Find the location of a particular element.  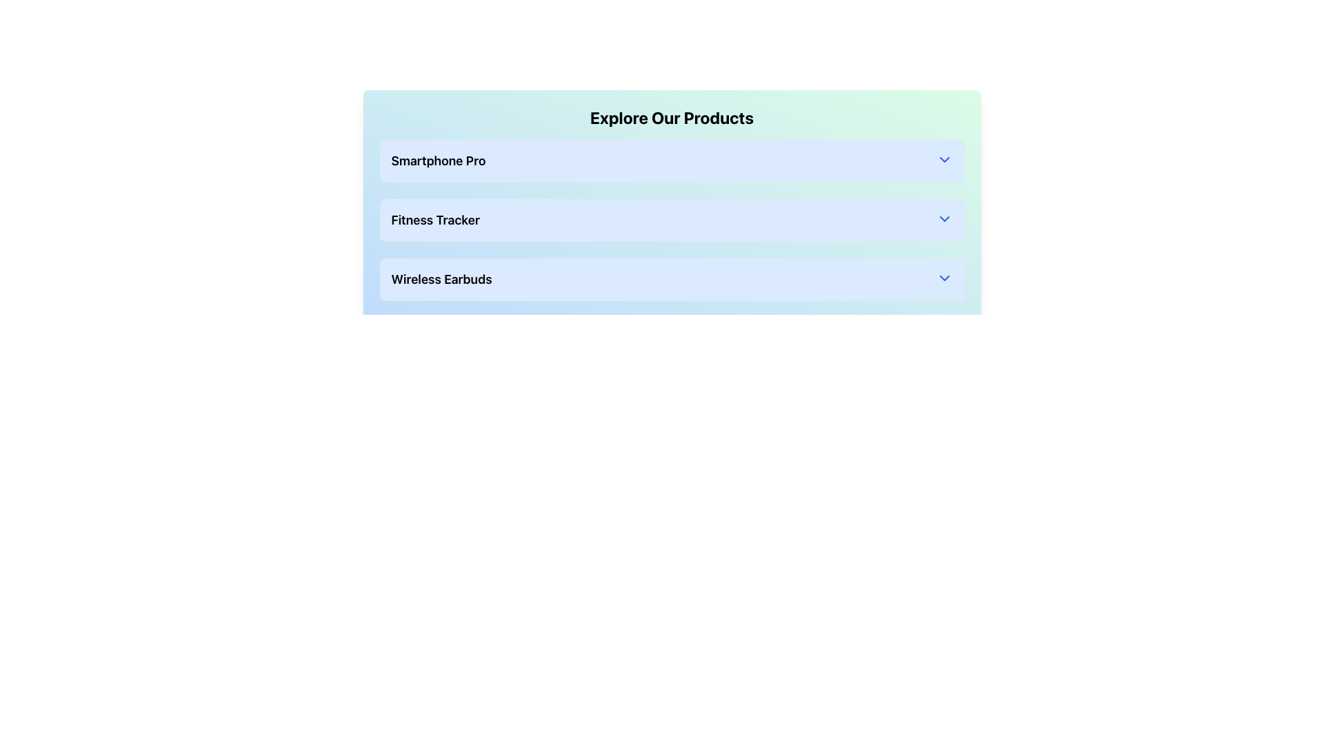

the 'Smartphone Pro' button, which is the first item in the list under 'Explore Our Products' is located at coordinates (672, 161).